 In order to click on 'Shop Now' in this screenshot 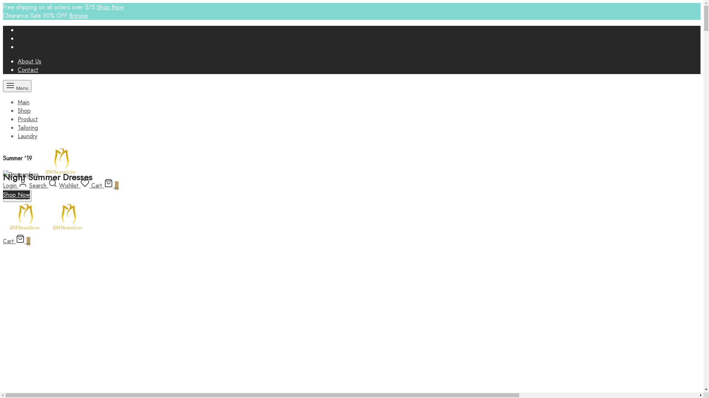, I will do `click(16, 194)`.